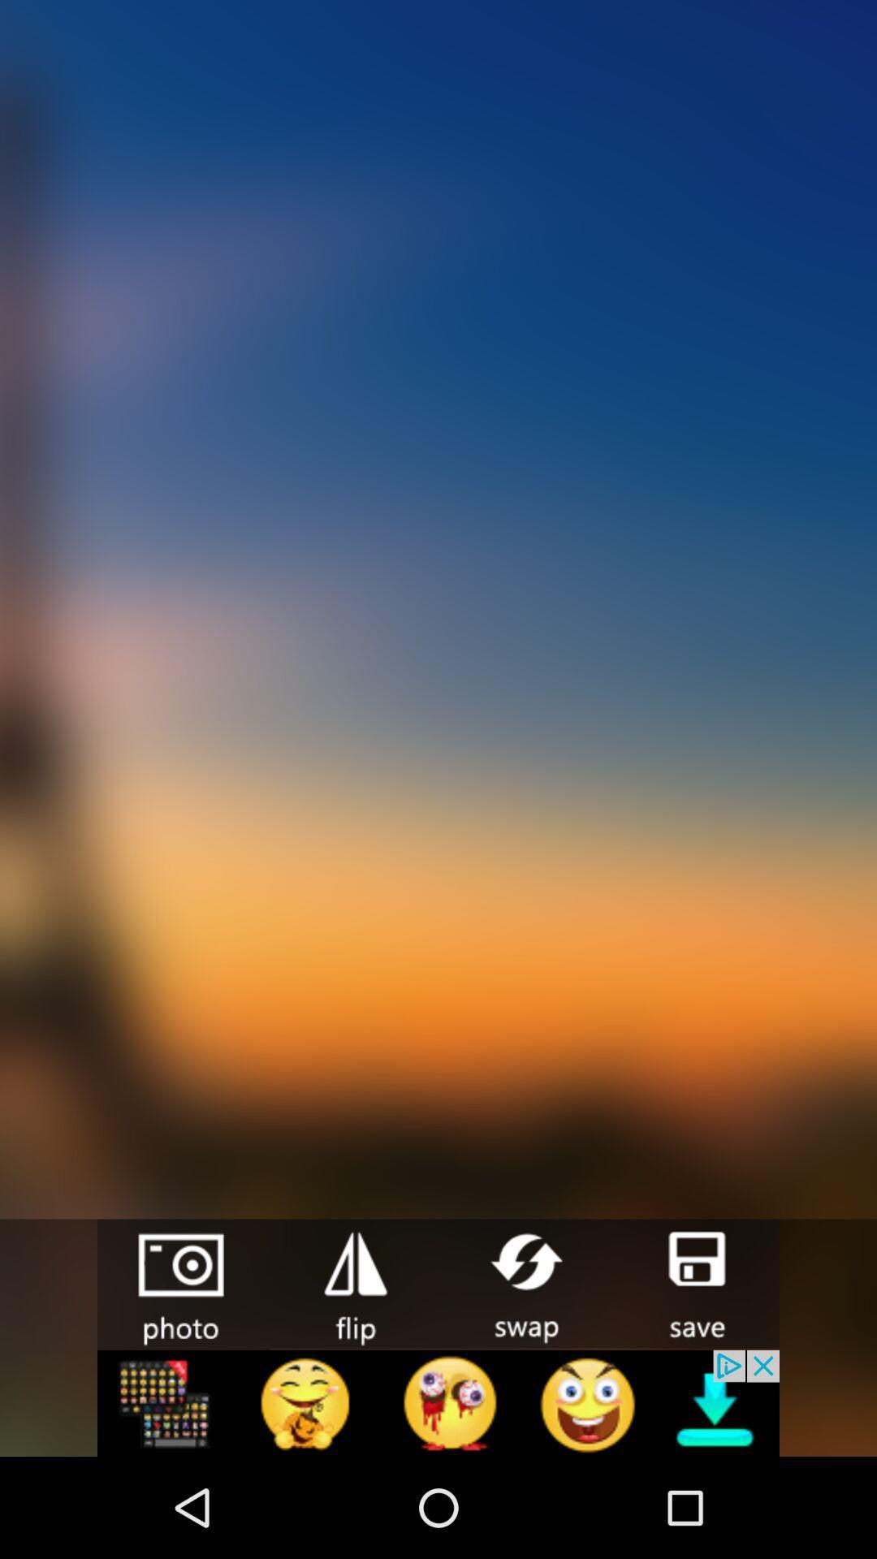 The height and width of the screenshot is (1559, 877). Describe the element at coordinates (523, 1373) in the screenshot. I see `the swap icon` at that location.